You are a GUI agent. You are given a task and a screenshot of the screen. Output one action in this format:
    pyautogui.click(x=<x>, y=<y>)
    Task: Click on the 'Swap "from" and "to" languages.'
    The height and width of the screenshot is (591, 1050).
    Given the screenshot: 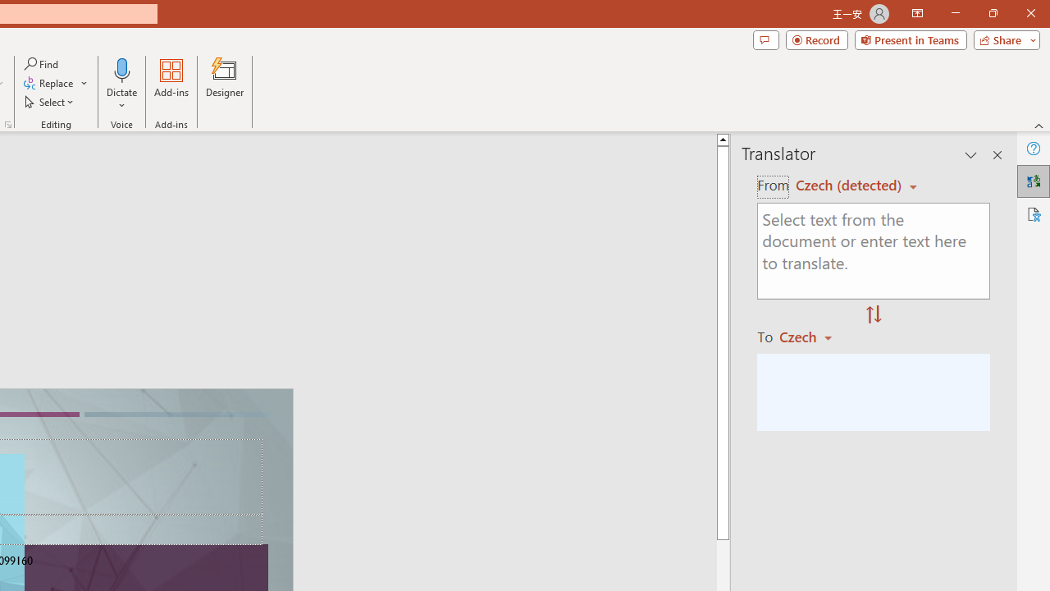 What is the action you would take?
    pyautogui.click(x=873, y=315)
    